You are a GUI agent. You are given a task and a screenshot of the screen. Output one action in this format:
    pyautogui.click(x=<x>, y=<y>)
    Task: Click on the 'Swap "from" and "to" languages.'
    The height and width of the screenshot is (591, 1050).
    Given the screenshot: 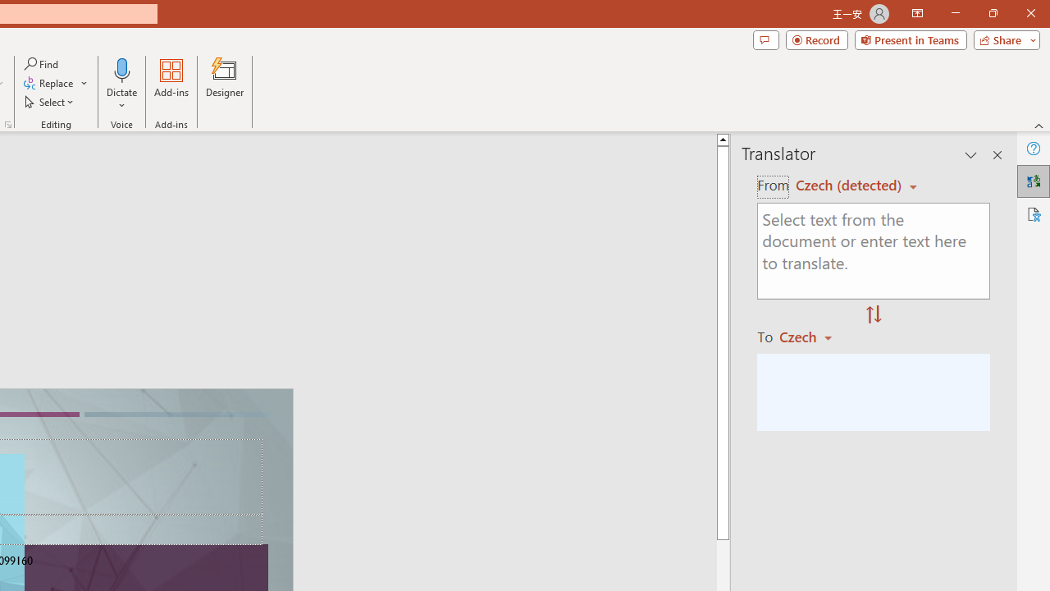 What is the action you would take?
    pyautogui.click(x=873, y=315)
    